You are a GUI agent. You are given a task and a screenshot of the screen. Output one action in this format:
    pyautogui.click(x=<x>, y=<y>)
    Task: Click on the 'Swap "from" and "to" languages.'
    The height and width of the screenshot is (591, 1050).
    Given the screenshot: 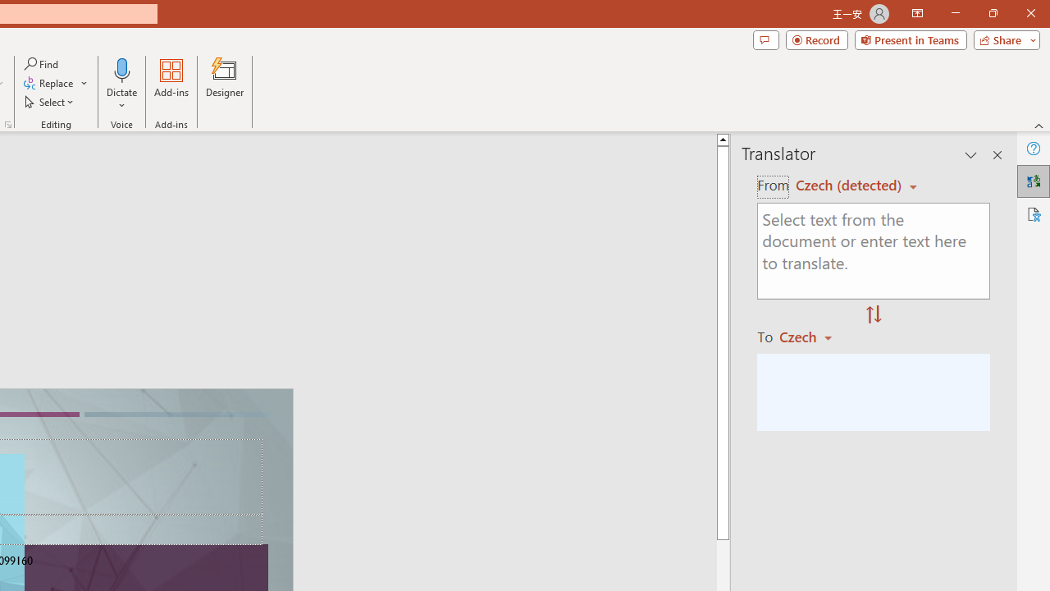 What is the action you would take?
    pyautogui.click(x=873, y=315)
    